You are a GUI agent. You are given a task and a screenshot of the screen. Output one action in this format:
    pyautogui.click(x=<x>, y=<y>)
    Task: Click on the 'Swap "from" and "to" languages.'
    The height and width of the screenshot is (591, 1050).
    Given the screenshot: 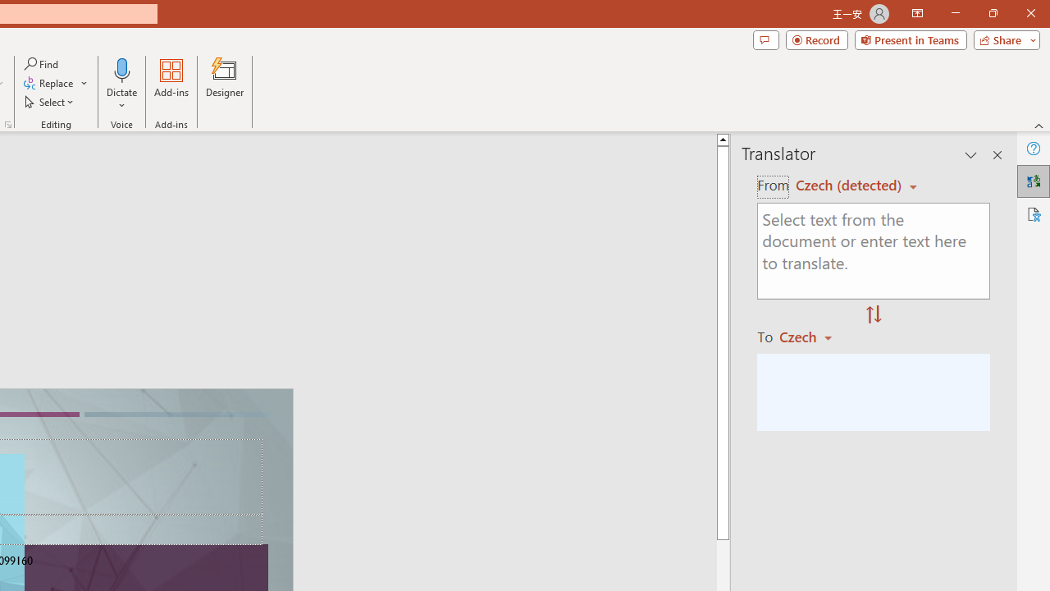 What is the action you would take?
    pyautogui.click(x=873, y=315)
    